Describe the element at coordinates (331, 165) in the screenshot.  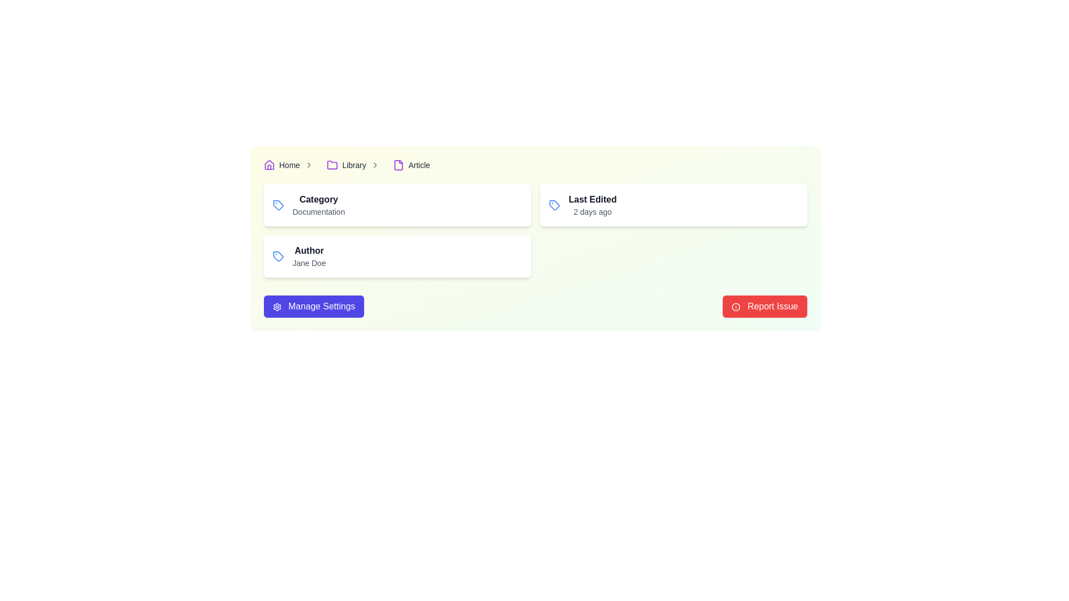
I see `the purple folder icon located to the left of the 'Library' text in the breadcrumb navigation at the top-center of the interface` at that location.